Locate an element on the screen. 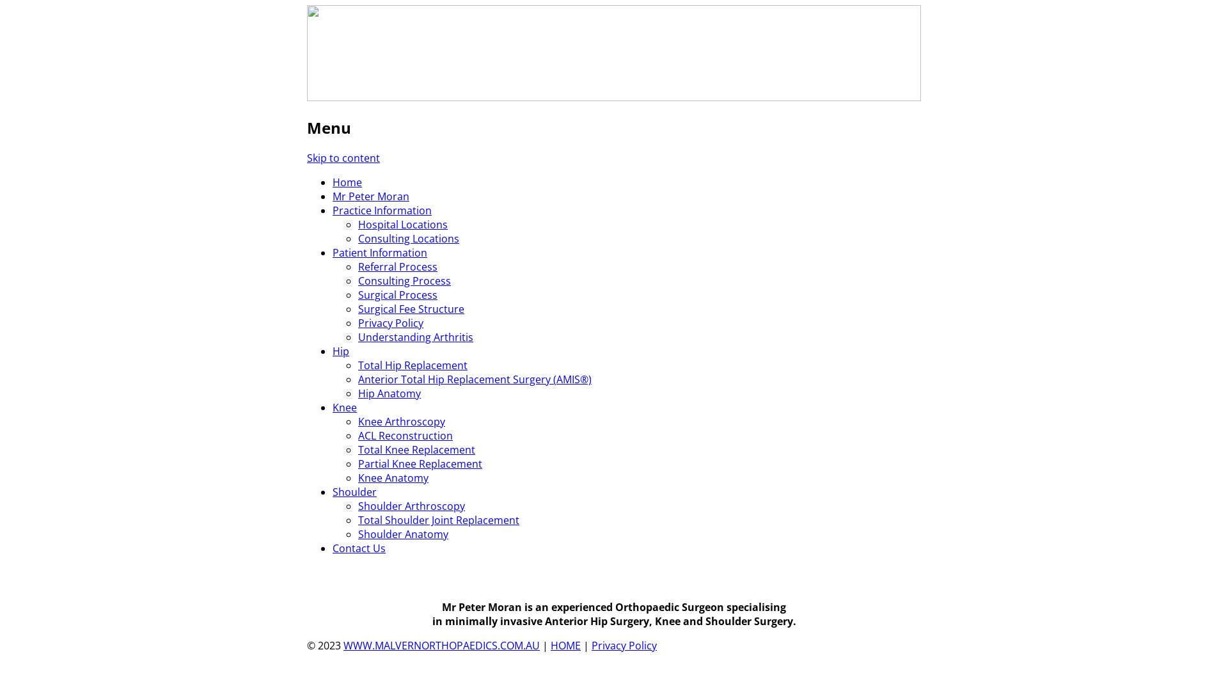 This screenshot has height=691, width=1228. 'Knee Anatomy' is located at coordinates (358, 478).